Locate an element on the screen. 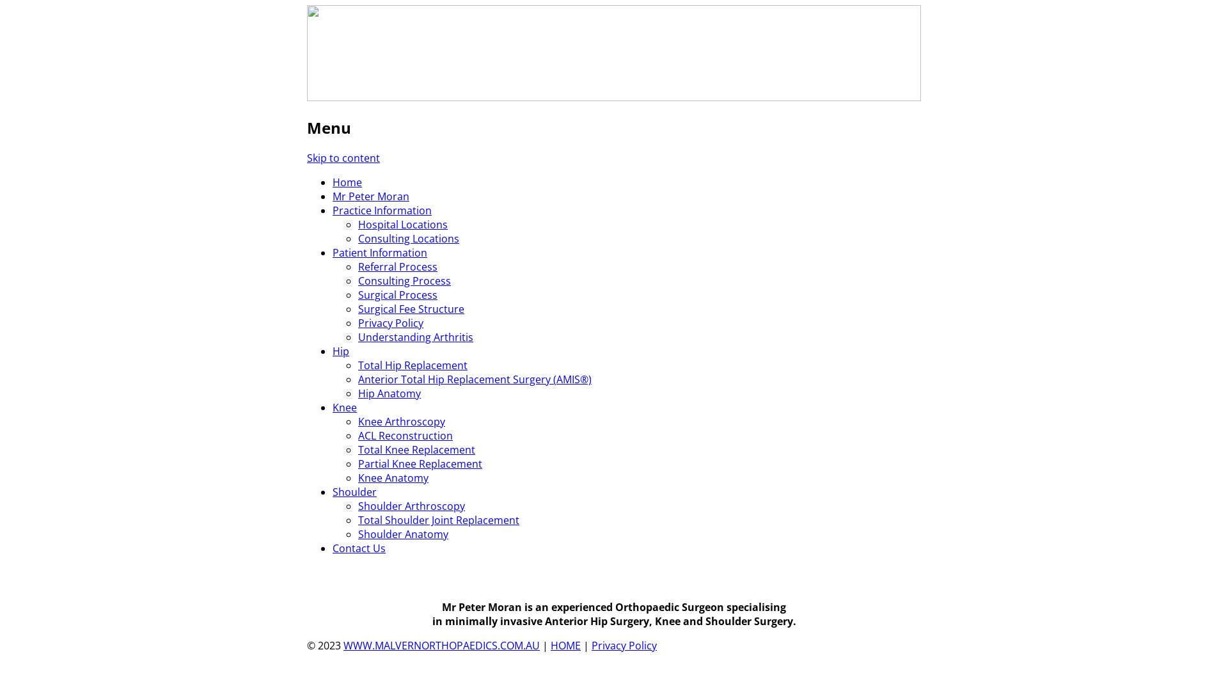 This screenshot has height=691, width=1228. 'Knee Anatomy' is located at coordinates (358, 478).